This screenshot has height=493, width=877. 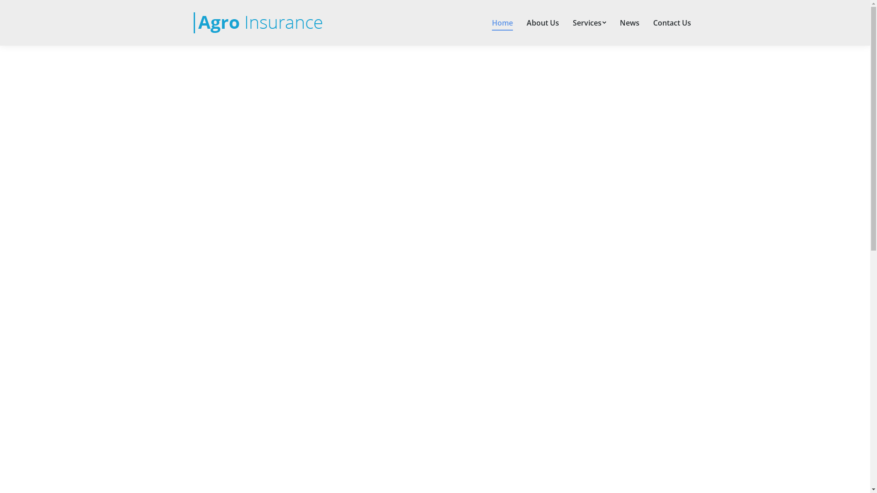 I want to click on 'Contact Us', so click(x=671, y=22).